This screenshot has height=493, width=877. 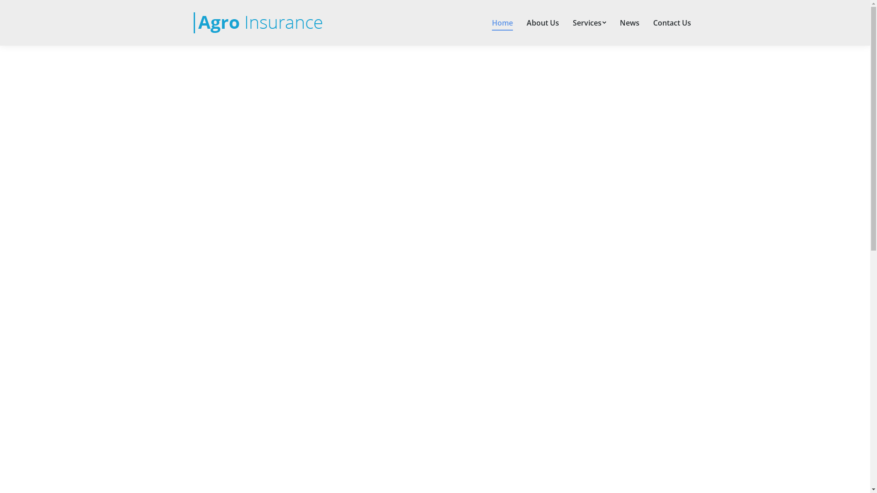 I want to click on 'Contact Us', so click(x=671, y=22).